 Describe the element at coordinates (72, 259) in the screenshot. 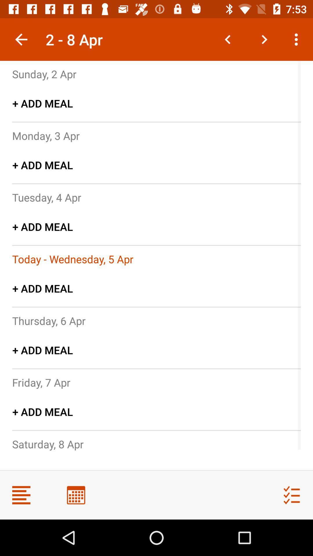

I see `icon below + add meal item` at that location.